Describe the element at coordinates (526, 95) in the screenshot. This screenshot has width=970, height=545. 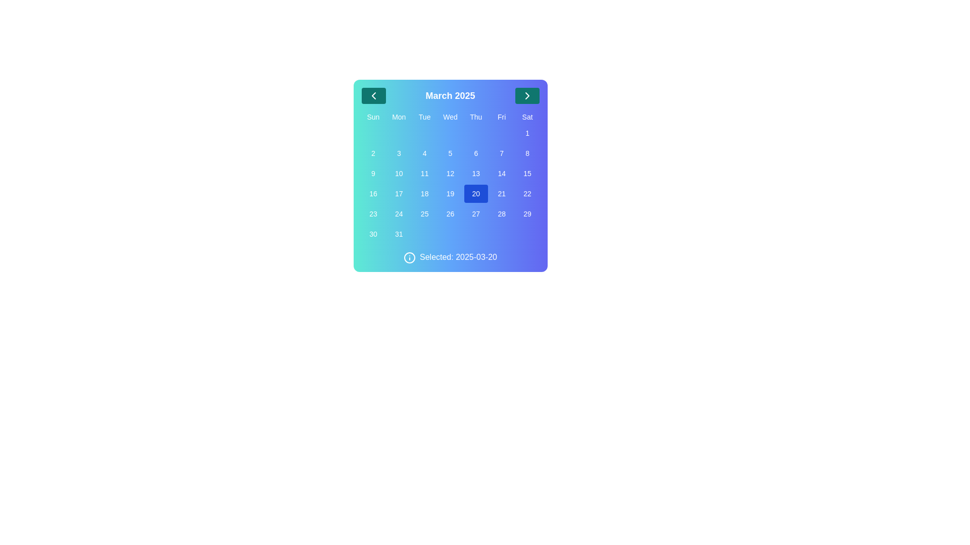
I see `the forward navigation chevron icon located within the circular green button on the far right edge of the calendar header` at that location.